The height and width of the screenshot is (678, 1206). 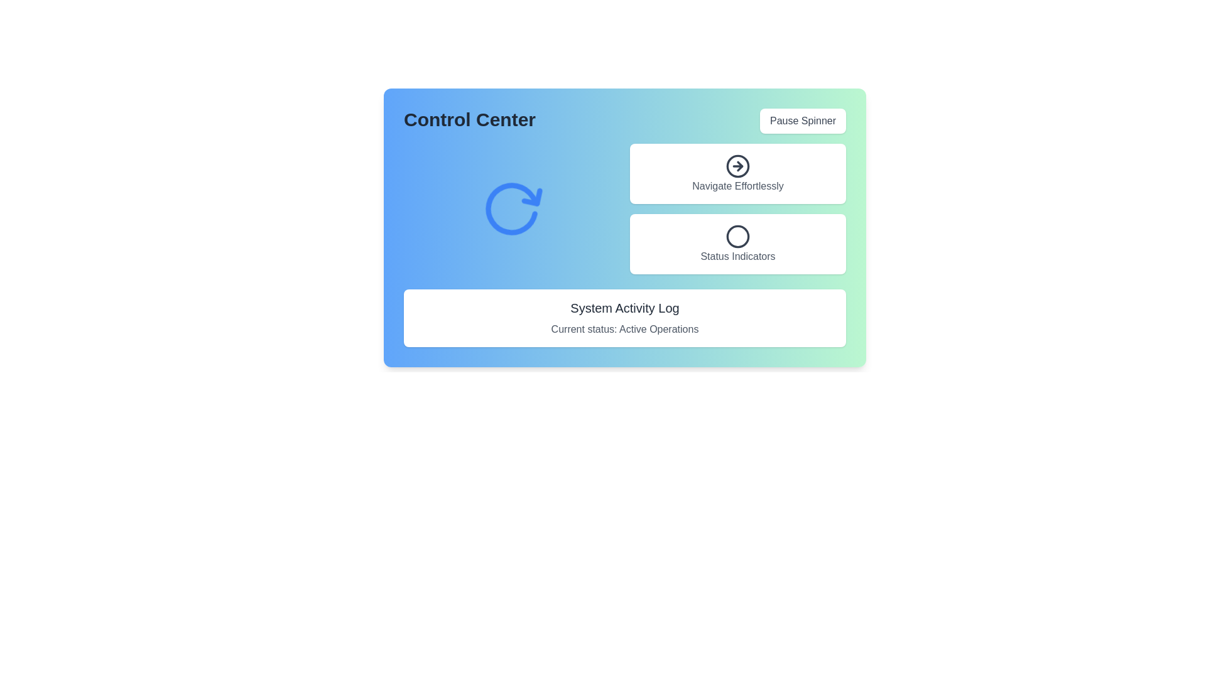 What do you see at coordinates (738, 208) in the screenshot?
I see `the bottom icon within the composite UI element containing navigation and status features to check the status` at bounding box center [738, 208].